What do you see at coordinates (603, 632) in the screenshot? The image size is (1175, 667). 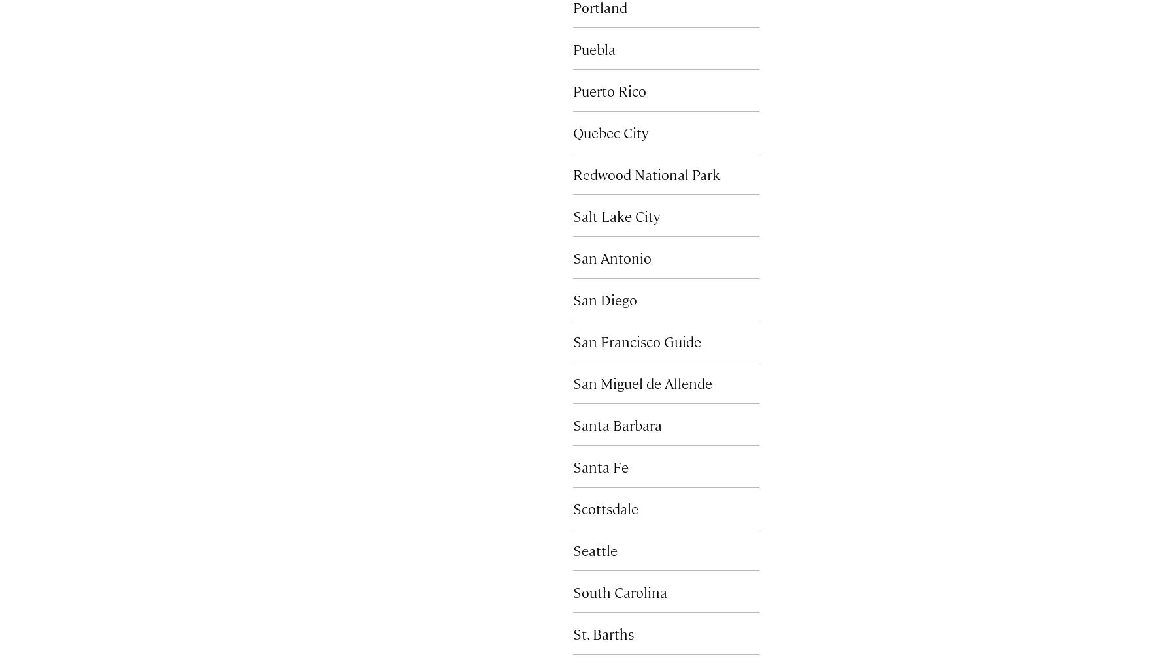 I see `'St. Barths'` at bounding box center [603, 632].